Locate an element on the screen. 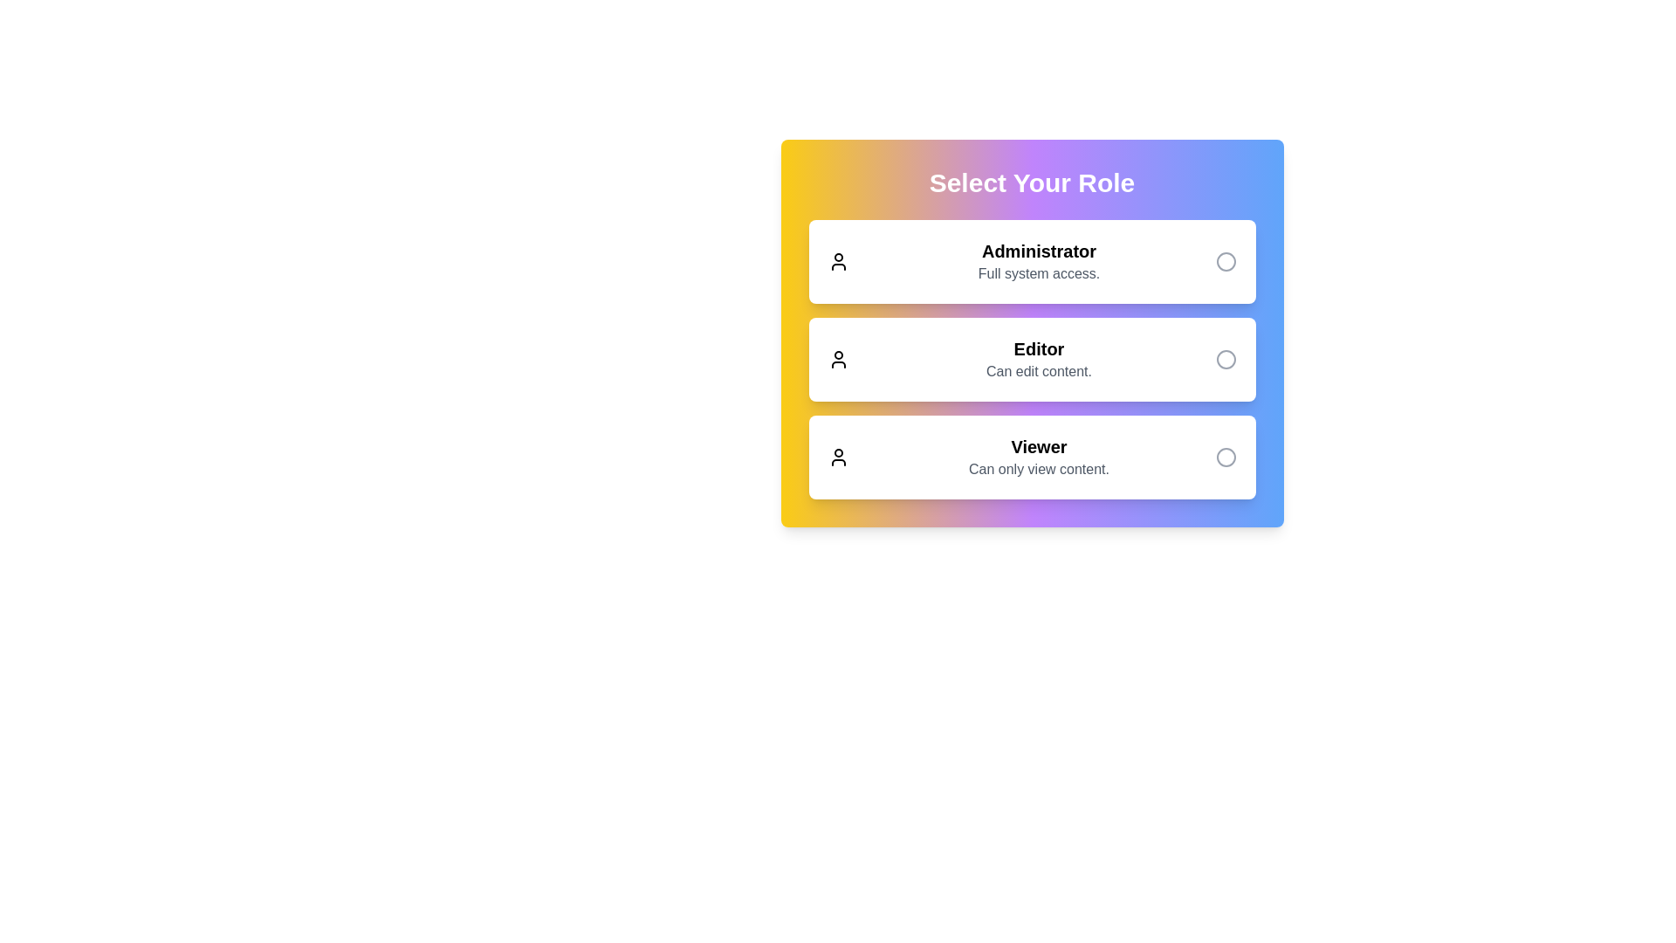 The height and width of the screenshot is (943, 1676). the text label reading 'Full system access.' which is located below the bolded 'Administrator' text in the 'Select Your Role' section is located at coordinates (1039, 273).